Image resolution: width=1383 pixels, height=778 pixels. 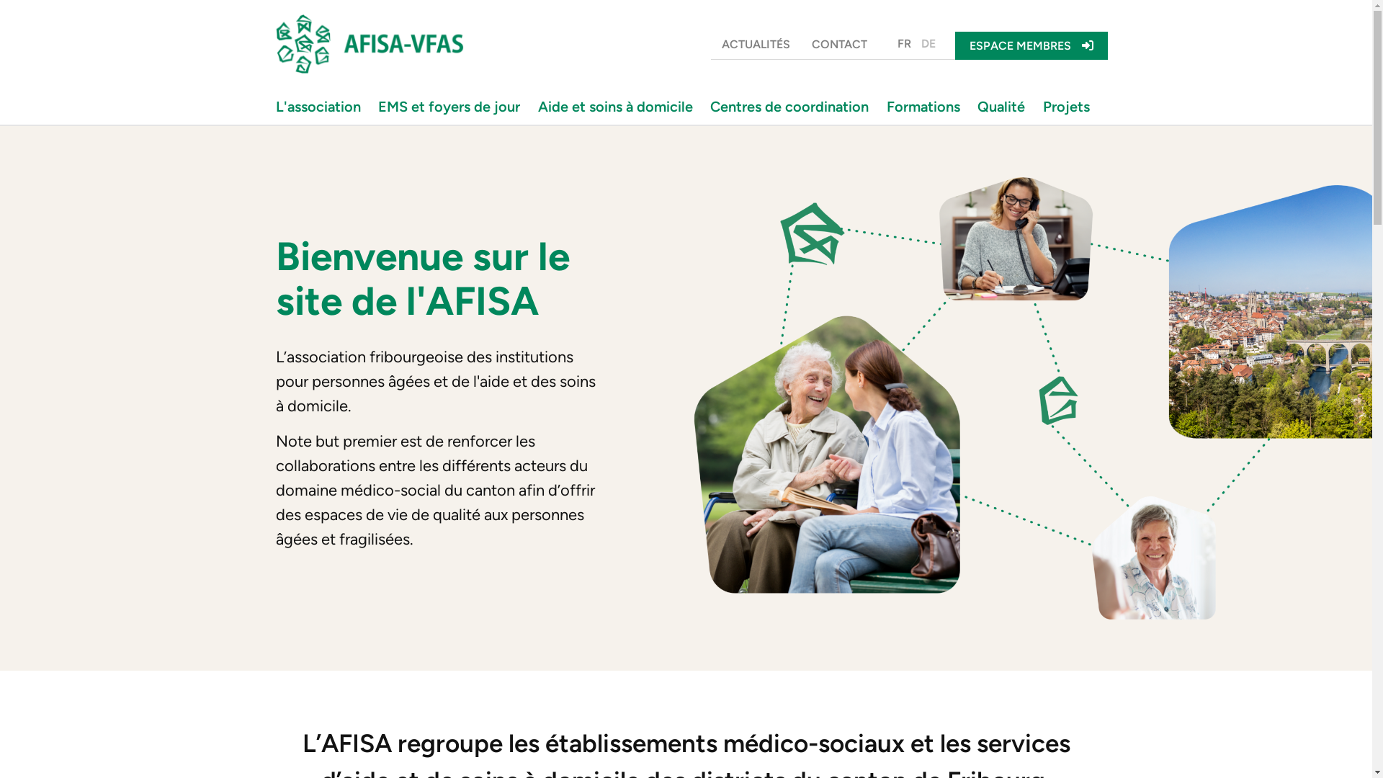 What do you see at coordinates (926, 105) in the screenshot?
I see `'Formations'` at bounding box center [926, 105].